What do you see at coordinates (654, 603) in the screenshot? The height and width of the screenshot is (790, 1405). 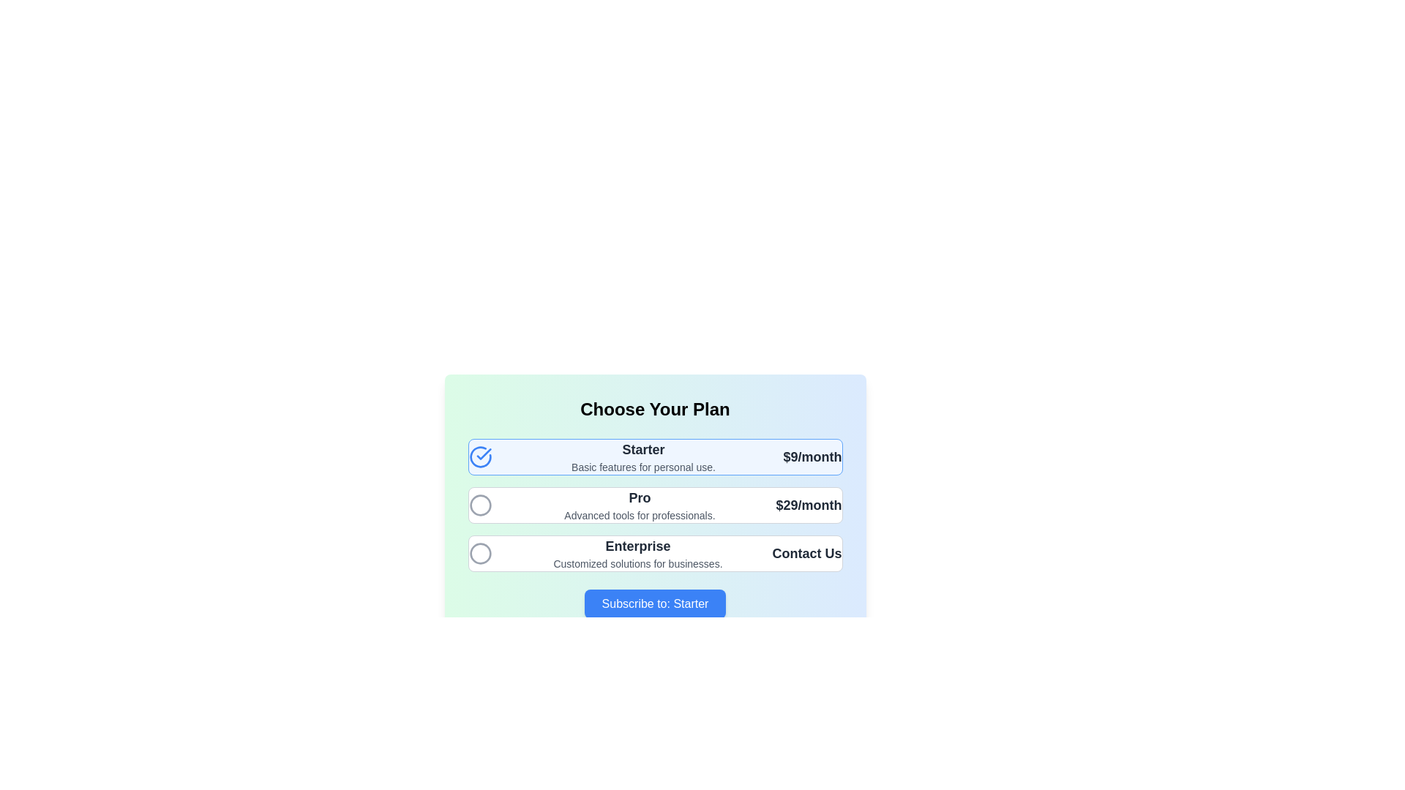 I see `the button located at the bottom center of the pricing card` at bounding box center [654, 603].